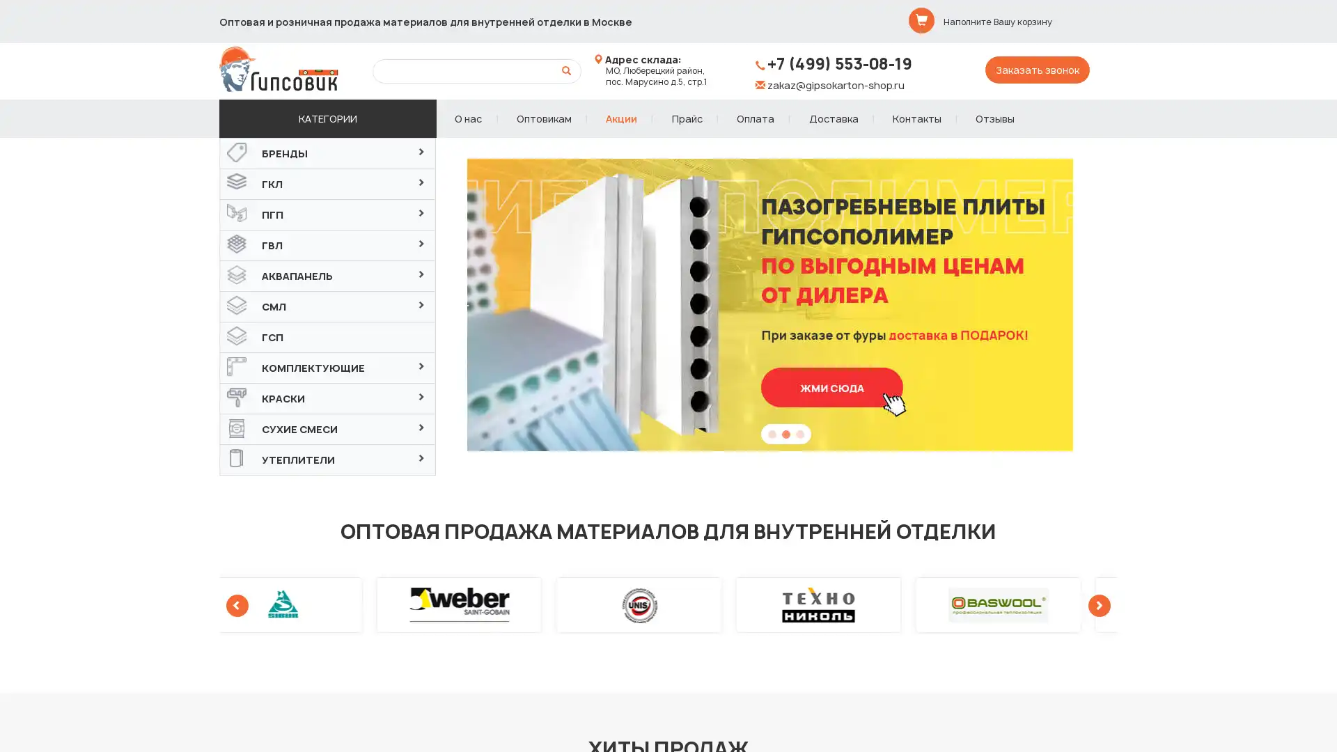 The width and height of the screenshot is (1337, 752). Describe the element at coordinates (1109, 304) in the screenshot. I see `Next` at that location.